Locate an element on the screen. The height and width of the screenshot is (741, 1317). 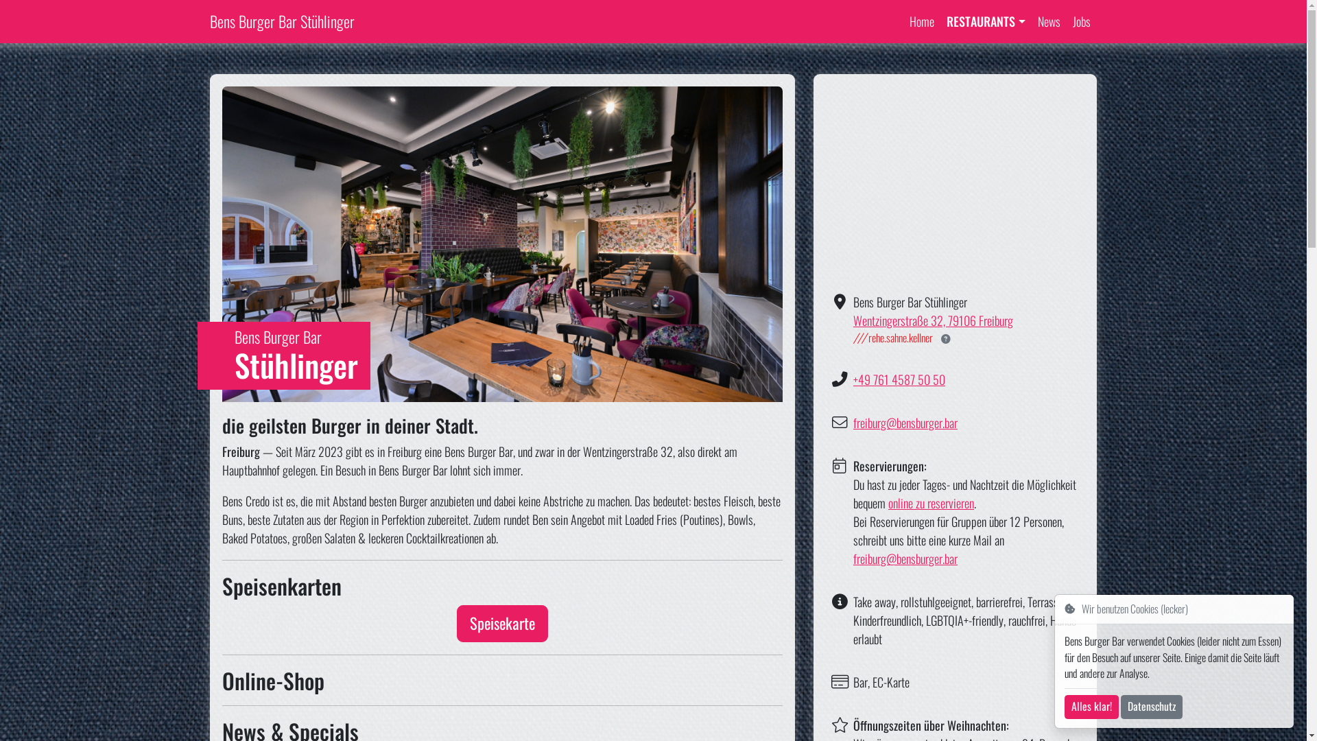
'Speisekarte' is located at coordinates (501, 624).